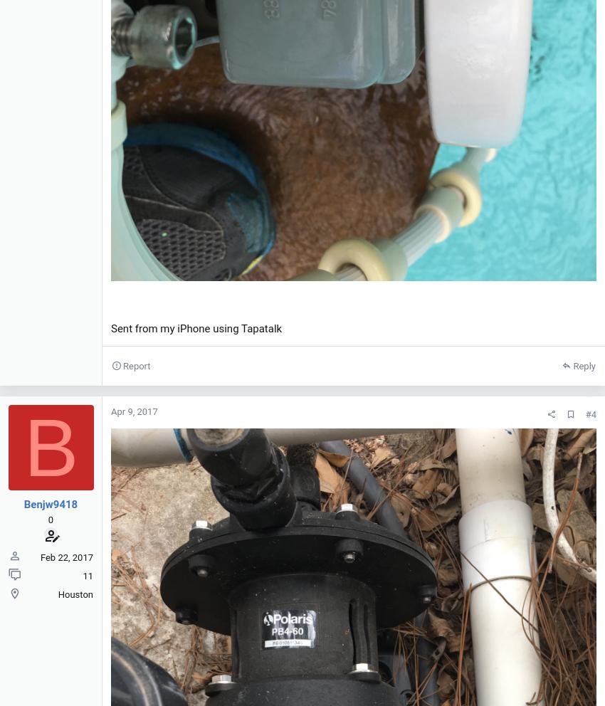 The width and height of the screenshot is (605, 706). Describe the element at coordinates (82, 575) in the screenshot. I see `'11'` at that location.